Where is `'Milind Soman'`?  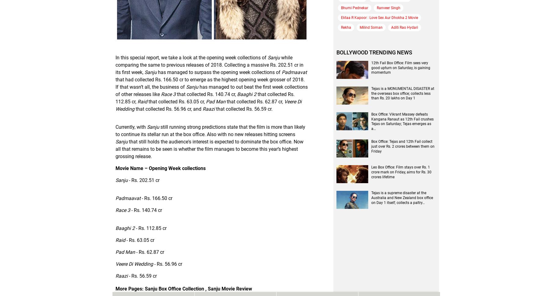 'Milind Soman' is located at coordinates (371, 27).